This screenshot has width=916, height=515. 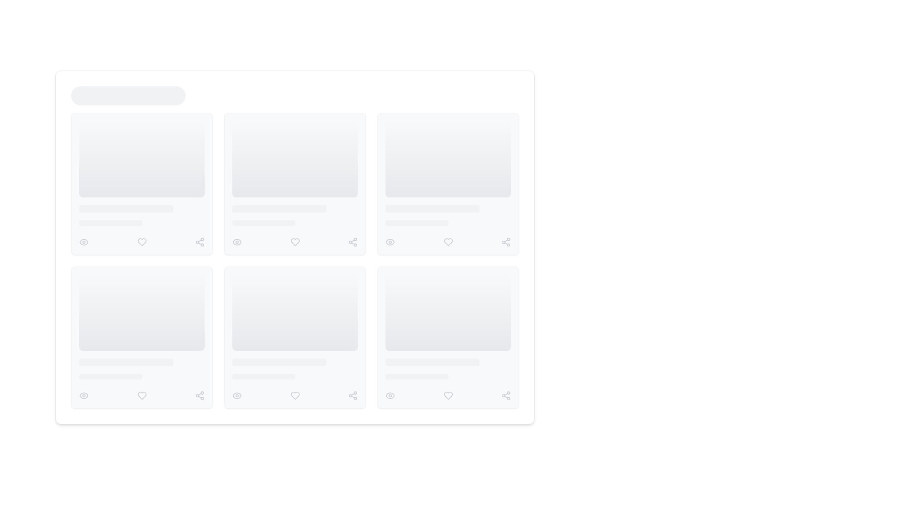 I want to click on the decorative placeholder component, which is a rectangular box with rounded corners and a gradient background, located at the top of the card layout, so click(x=294, y=159).